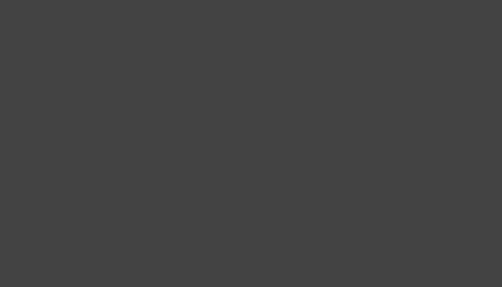  What do you see at coordinates (354, 89) in the screenshot?
I see `'30 min'` at bounding box center [354, 89].